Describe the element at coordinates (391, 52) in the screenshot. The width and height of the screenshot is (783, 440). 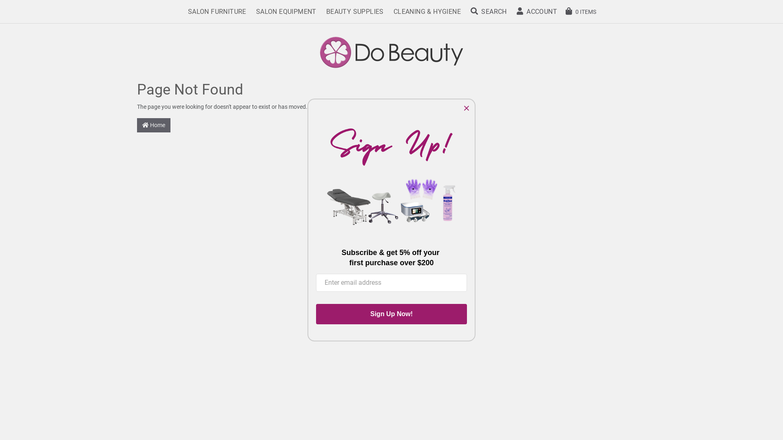
I see `'Do Beauty'` at that location.